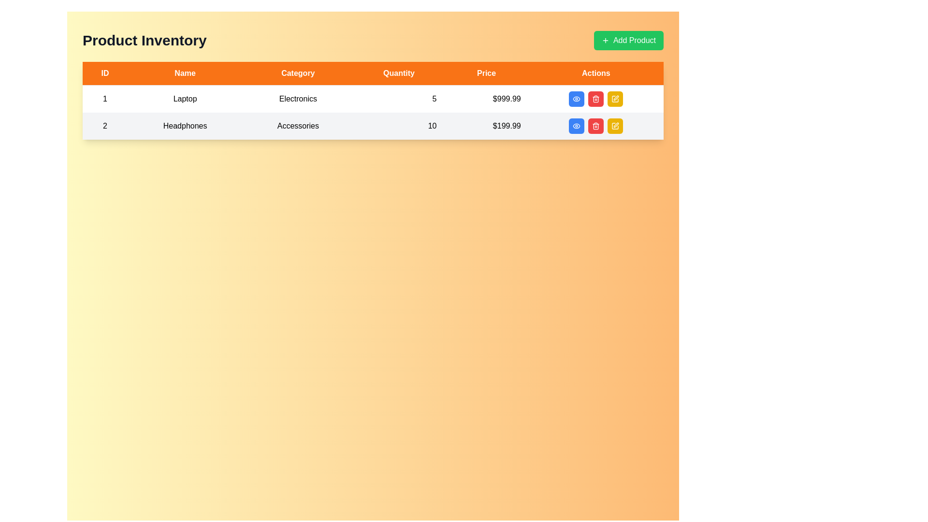 The height and width of the screenshot is (522, 928). Describe the element at coordinates (595, 126) in the screenshot. I see `the trashcan icon located in the second row of the table under the 'Actions' column, part of the 'Trash' icon group` at that location.